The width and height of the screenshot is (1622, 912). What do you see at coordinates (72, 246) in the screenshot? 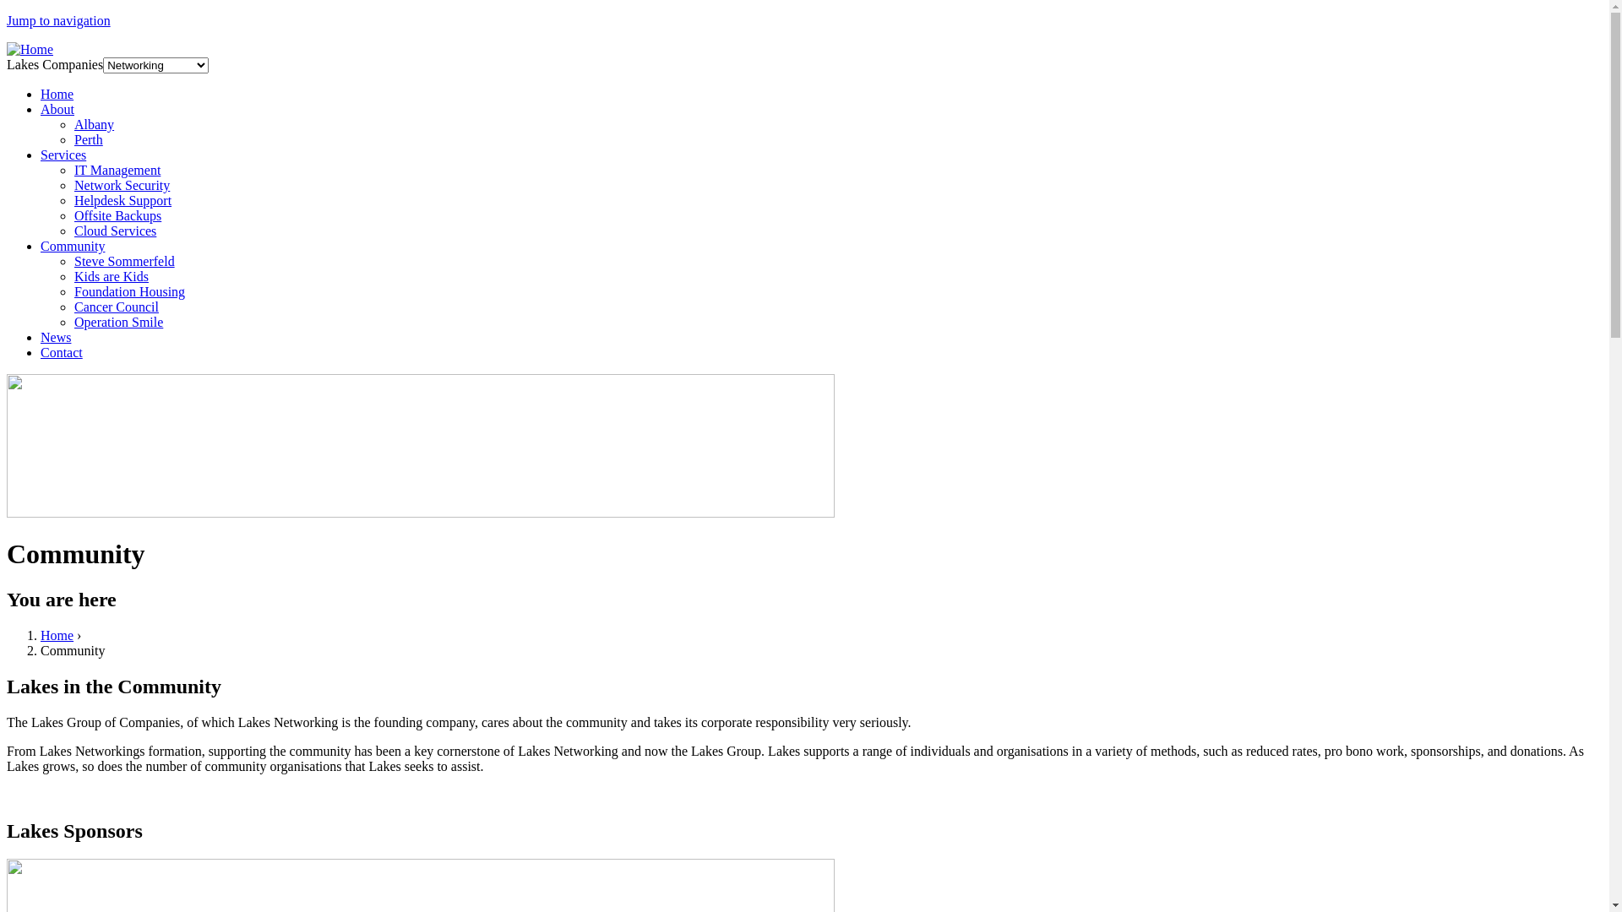
I see `'Community'` at bounding box center [72, 246].